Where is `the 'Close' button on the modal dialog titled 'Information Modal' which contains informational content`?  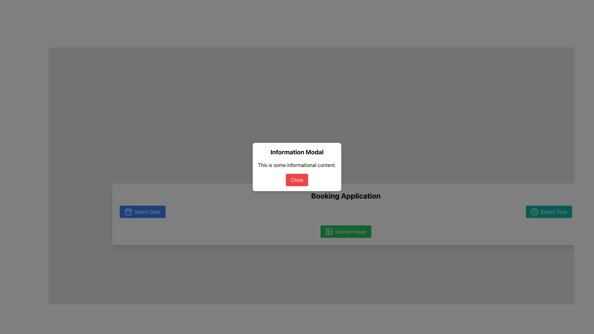
the 'Close' button on the modal dialog titled 'Information Modal' which contains informational content is located at coordinates (297, 167).